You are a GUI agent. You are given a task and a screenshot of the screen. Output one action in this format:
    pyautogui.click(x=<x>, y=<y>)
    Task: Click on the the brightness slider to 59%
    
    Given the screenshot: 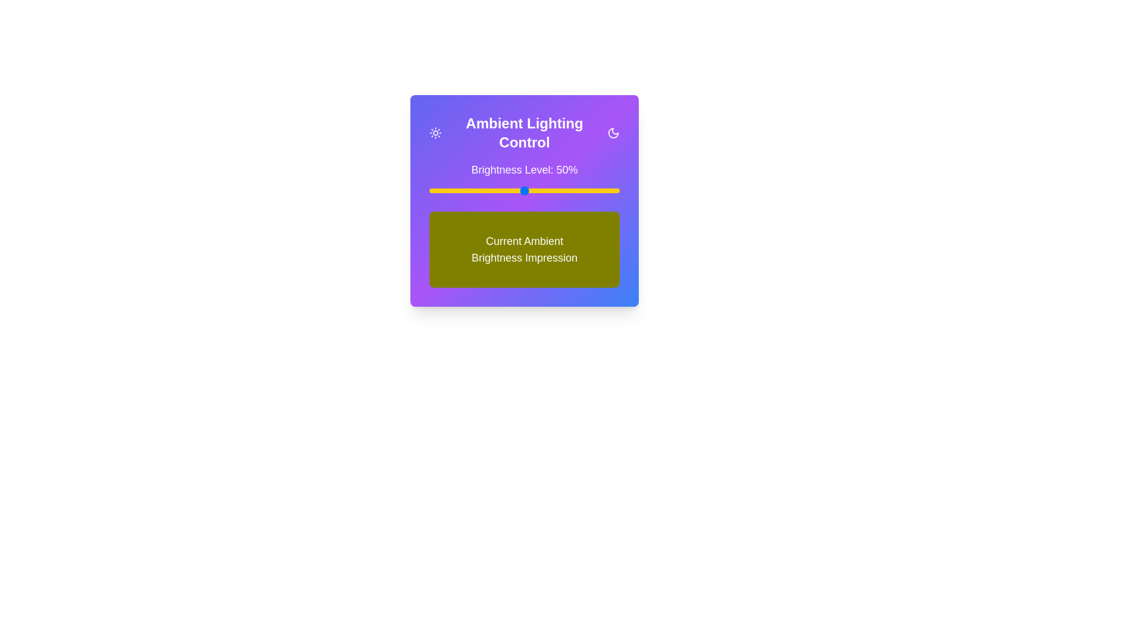 What is the action you would take?
    pyautogui.click(x=541, y=190)
    